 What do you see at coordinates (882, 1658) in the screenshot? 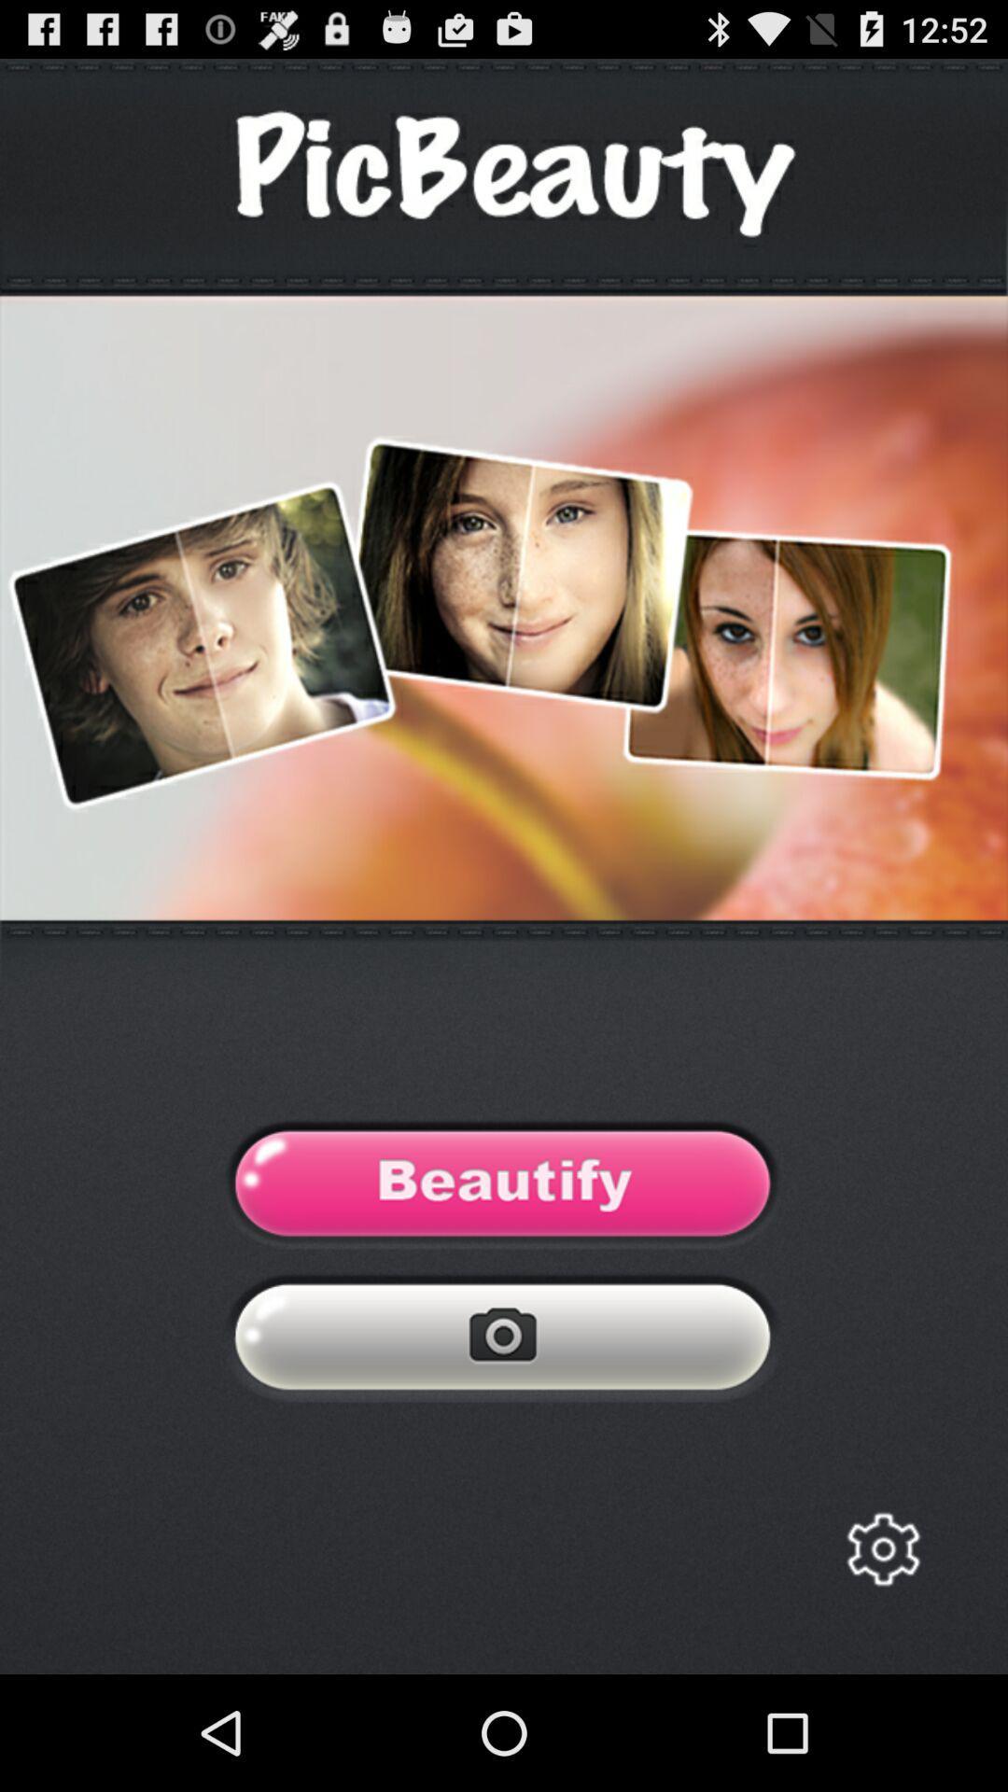
I see `the settings icon` at bounding box center [882, 1658].